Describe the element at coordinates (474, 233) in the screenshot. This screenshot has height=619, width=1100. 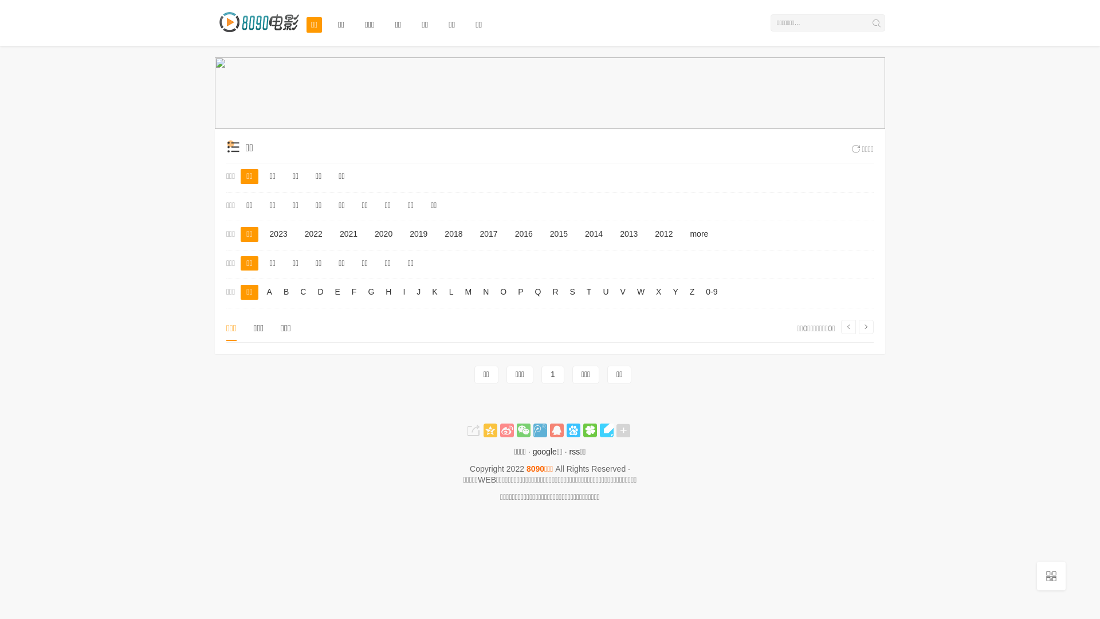
I see `'2017'` at that location.